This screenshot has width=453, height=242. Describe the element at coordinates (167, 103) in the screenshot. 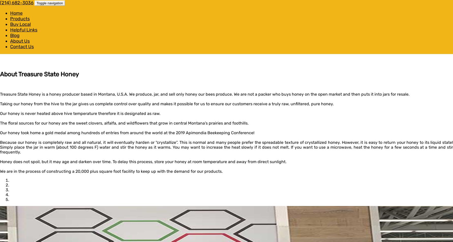

I see `'Taking our honey from the hive to the jar gives us complete control over quality and makes it possible for us to ensure our customers receive a truly raw, unfiltered, pure honey.'` at that location.